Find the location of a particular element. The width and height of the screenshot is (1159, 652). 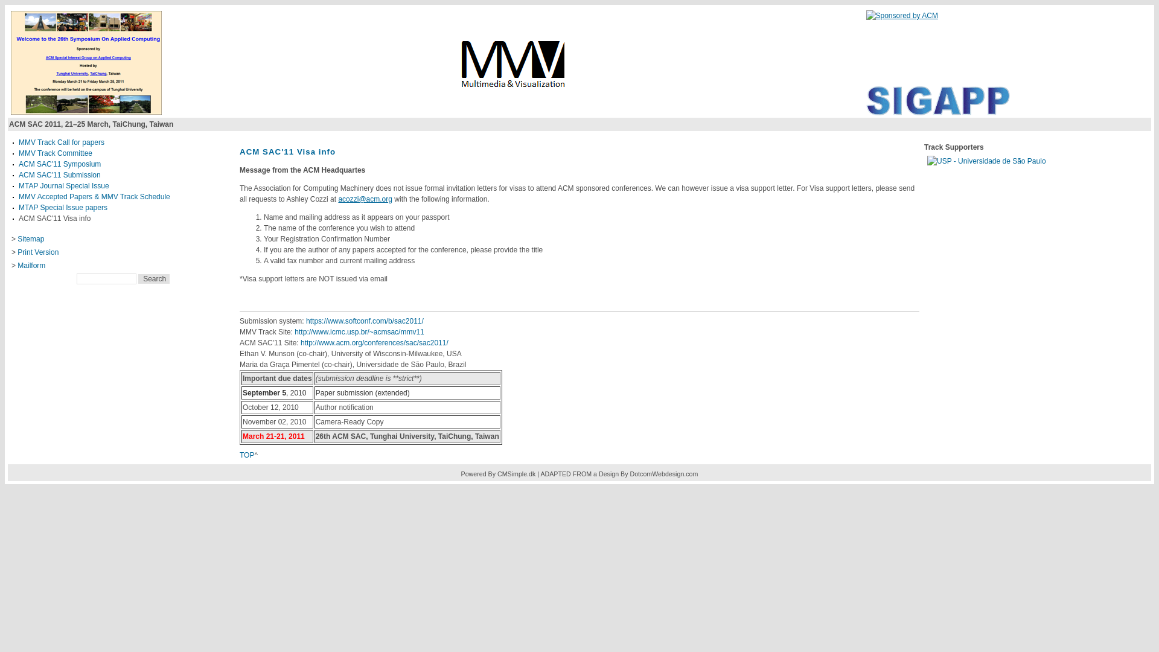

'ACM' is located at coordinates (901, 16).